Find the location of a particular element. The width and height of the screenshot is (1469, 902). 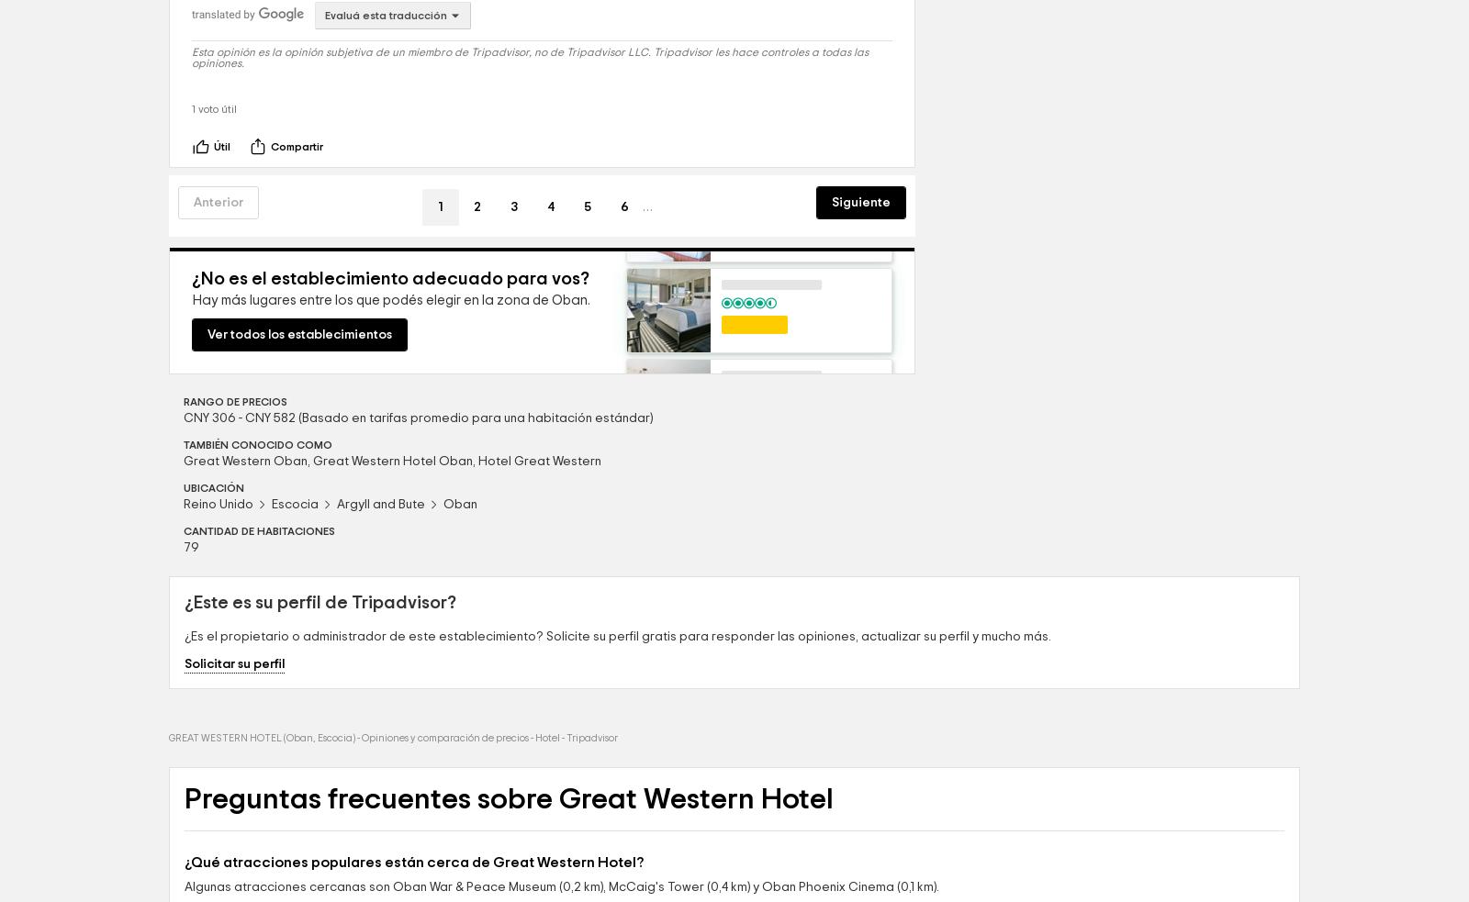

'Ver todos los establecimientos' is located at coordinates (299, 462).